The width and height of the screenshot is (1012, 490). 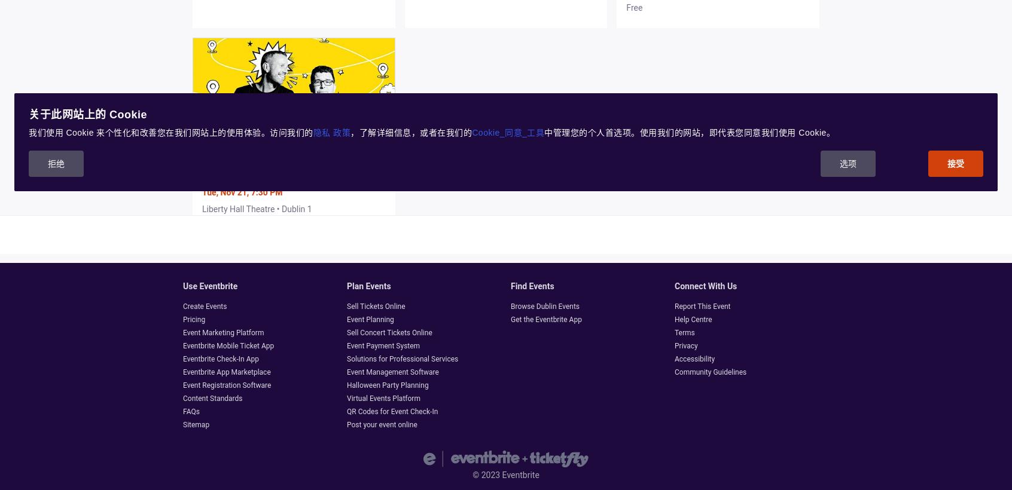 What do you see at coordinates (684, 332) in the screenshot?
I see `'Terms'` at bounding box center [684, 332].